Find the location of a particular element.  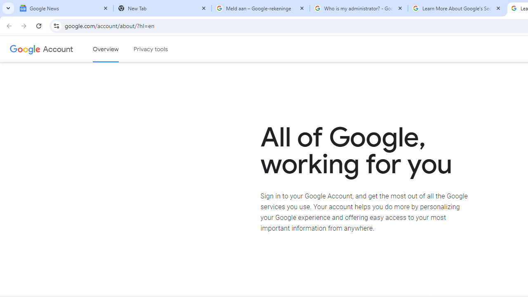

'Google Account overview' is located at coordinates (105, 49).